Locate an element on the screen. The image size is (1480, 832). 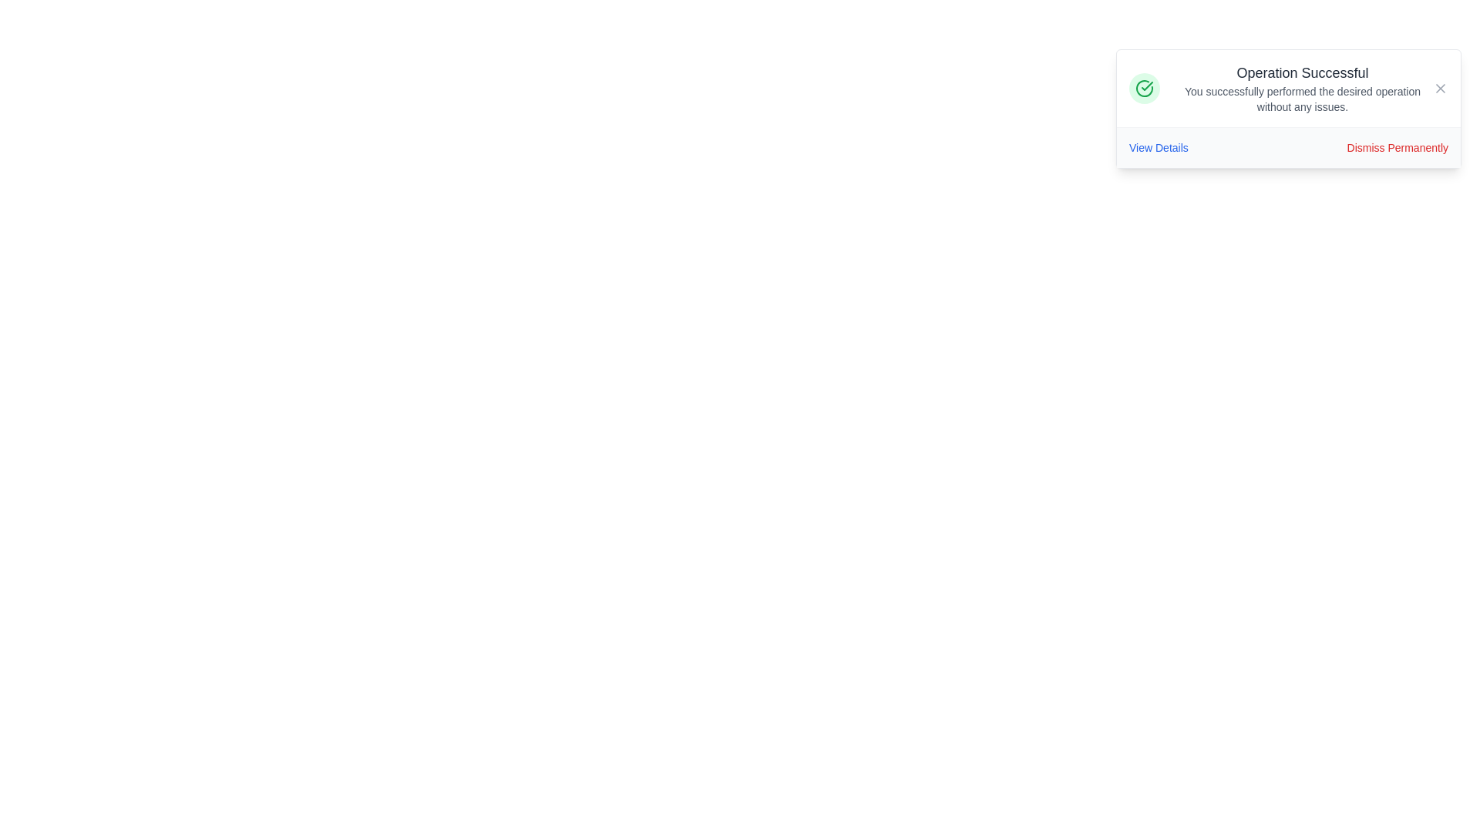
the circular icon with a green checkmark located near the top right corner of the notification section, preceding the text 'Operation Successful' is located at coordinates (1144, 89).